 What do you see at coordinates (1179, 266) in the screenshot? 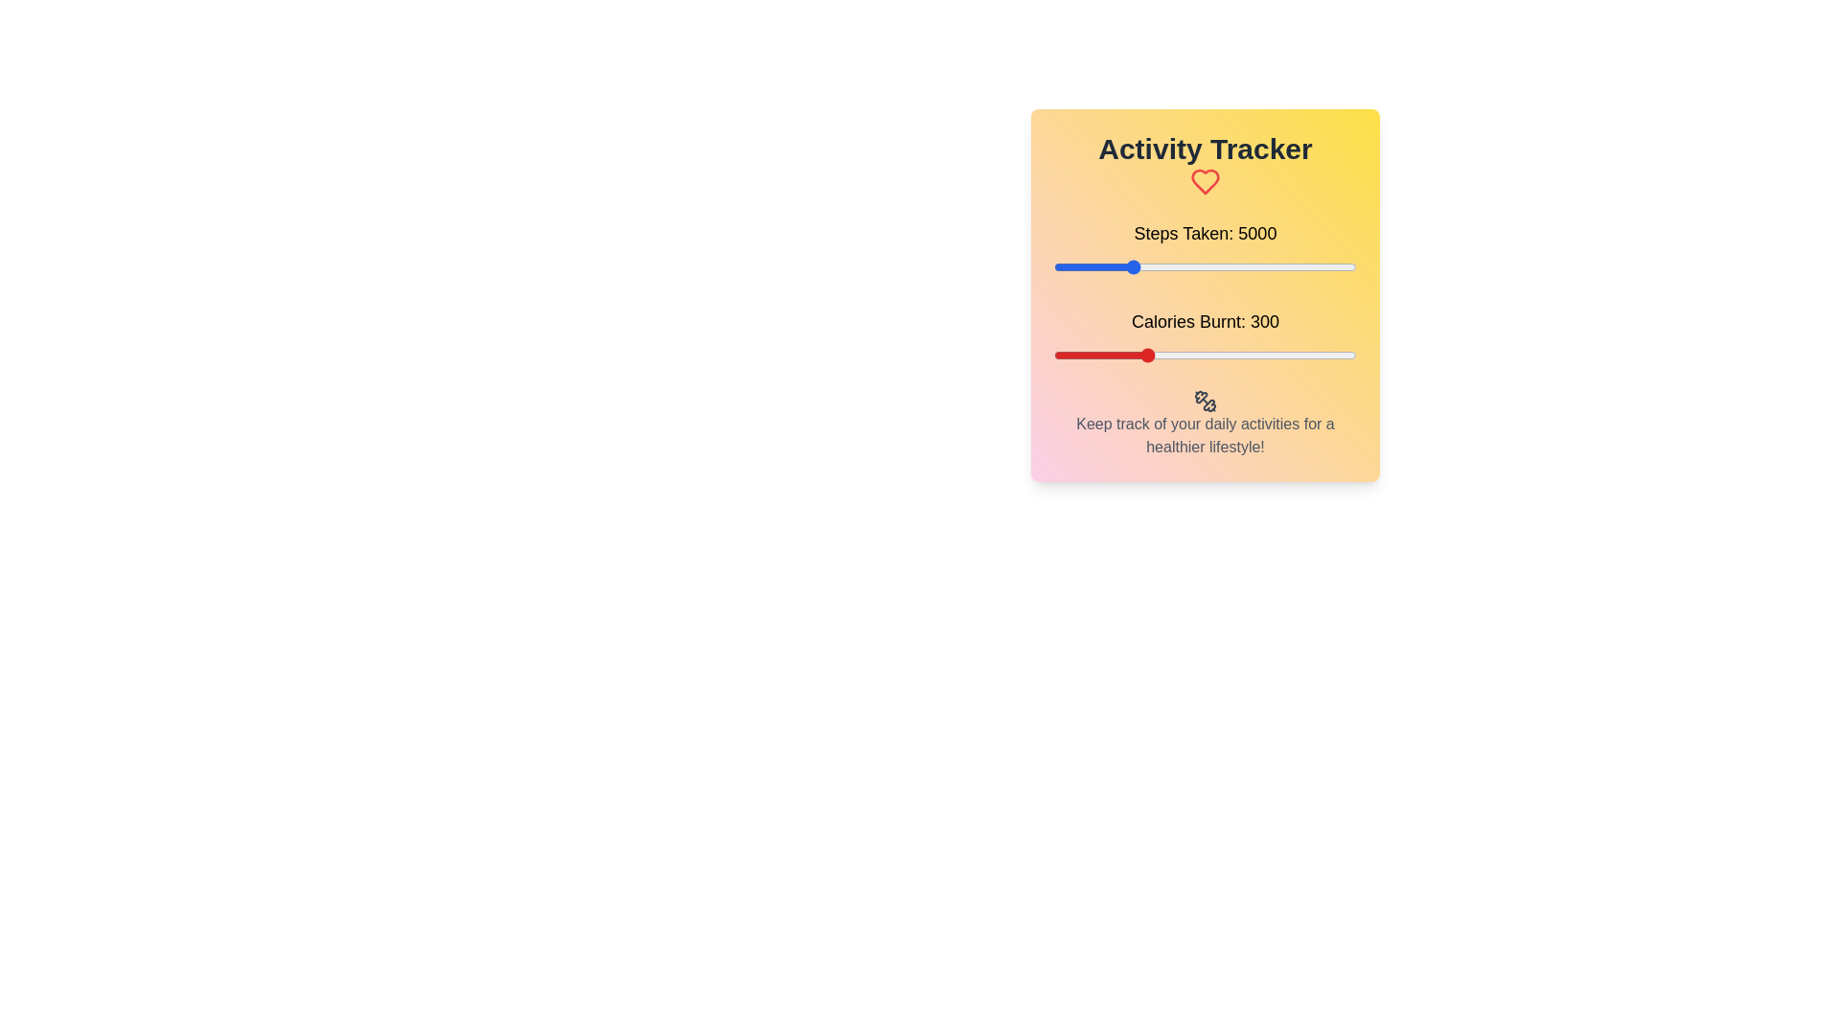
I see `steps taken` at bounding box center [1179, 266].